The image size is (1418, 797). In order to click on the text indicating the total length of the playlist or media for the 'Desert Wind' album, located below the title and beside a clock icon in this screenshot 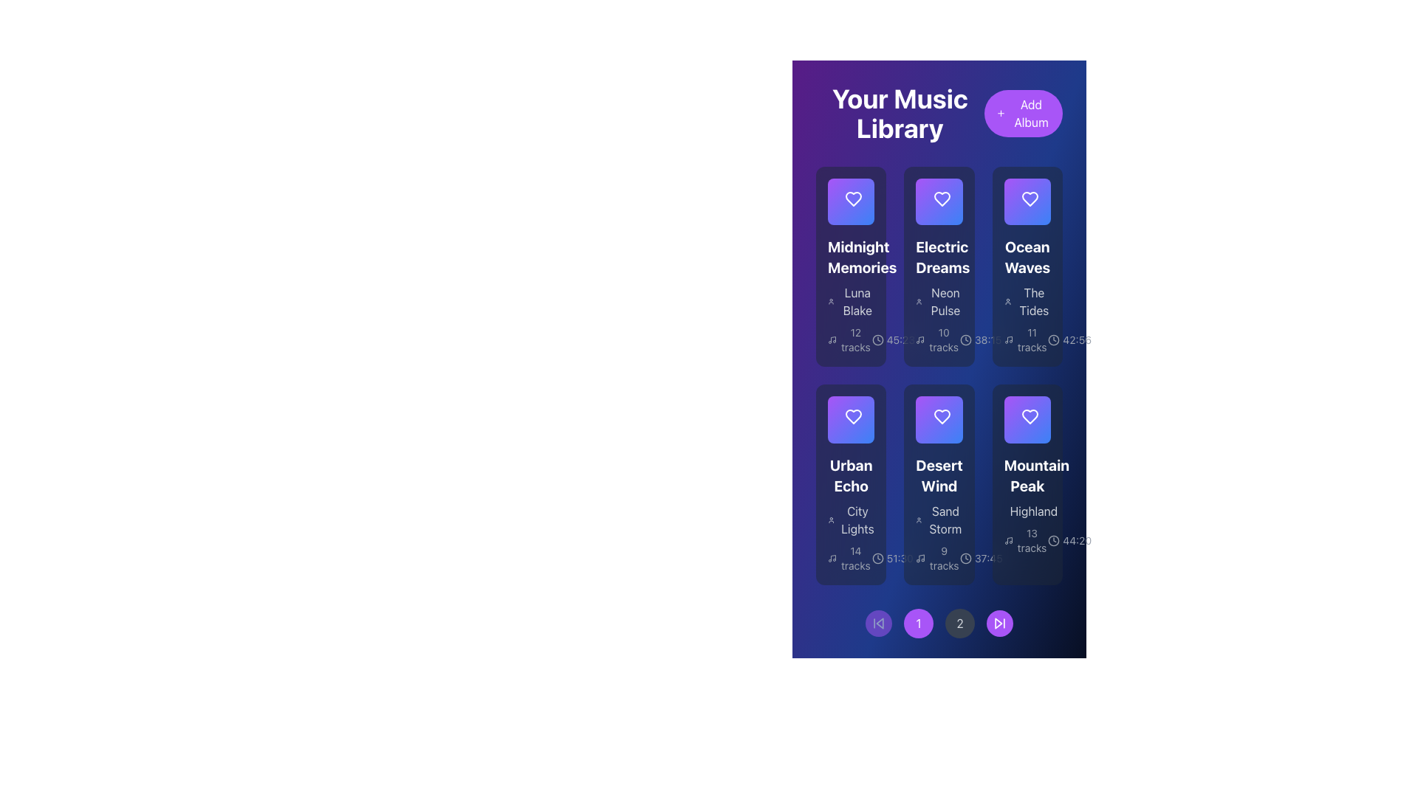, I will do `click(899, 558)`.